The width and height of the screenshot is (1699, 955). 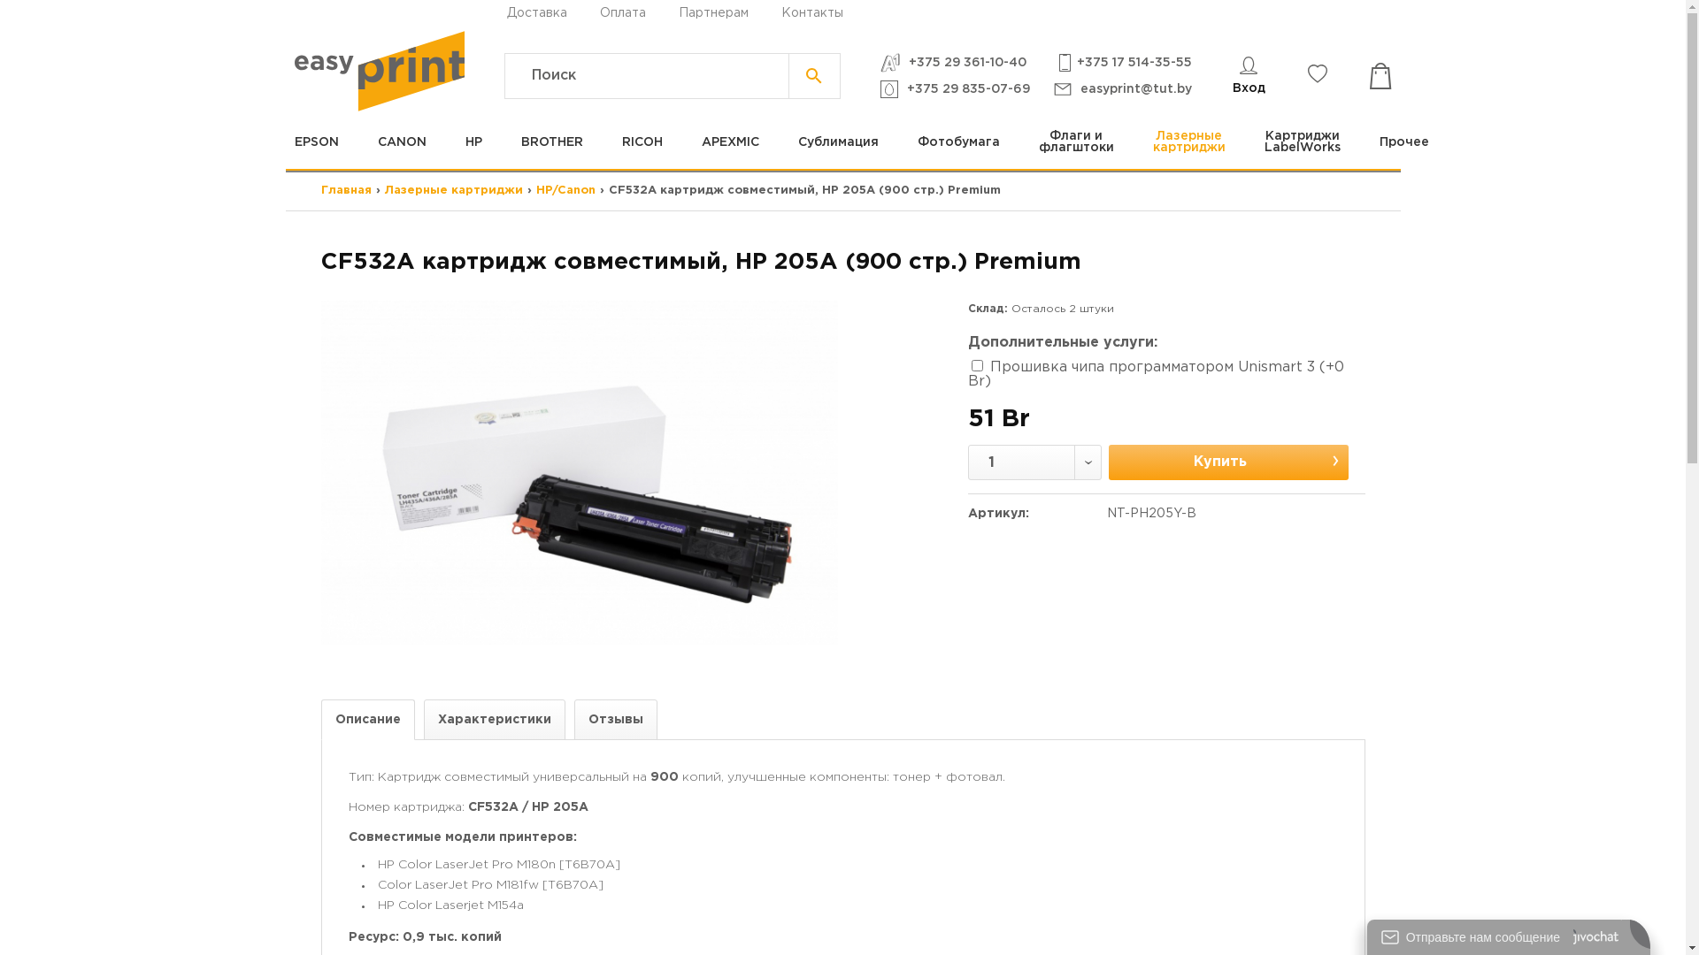 I want to click on 'EPSON', so click(x=326, y=141).